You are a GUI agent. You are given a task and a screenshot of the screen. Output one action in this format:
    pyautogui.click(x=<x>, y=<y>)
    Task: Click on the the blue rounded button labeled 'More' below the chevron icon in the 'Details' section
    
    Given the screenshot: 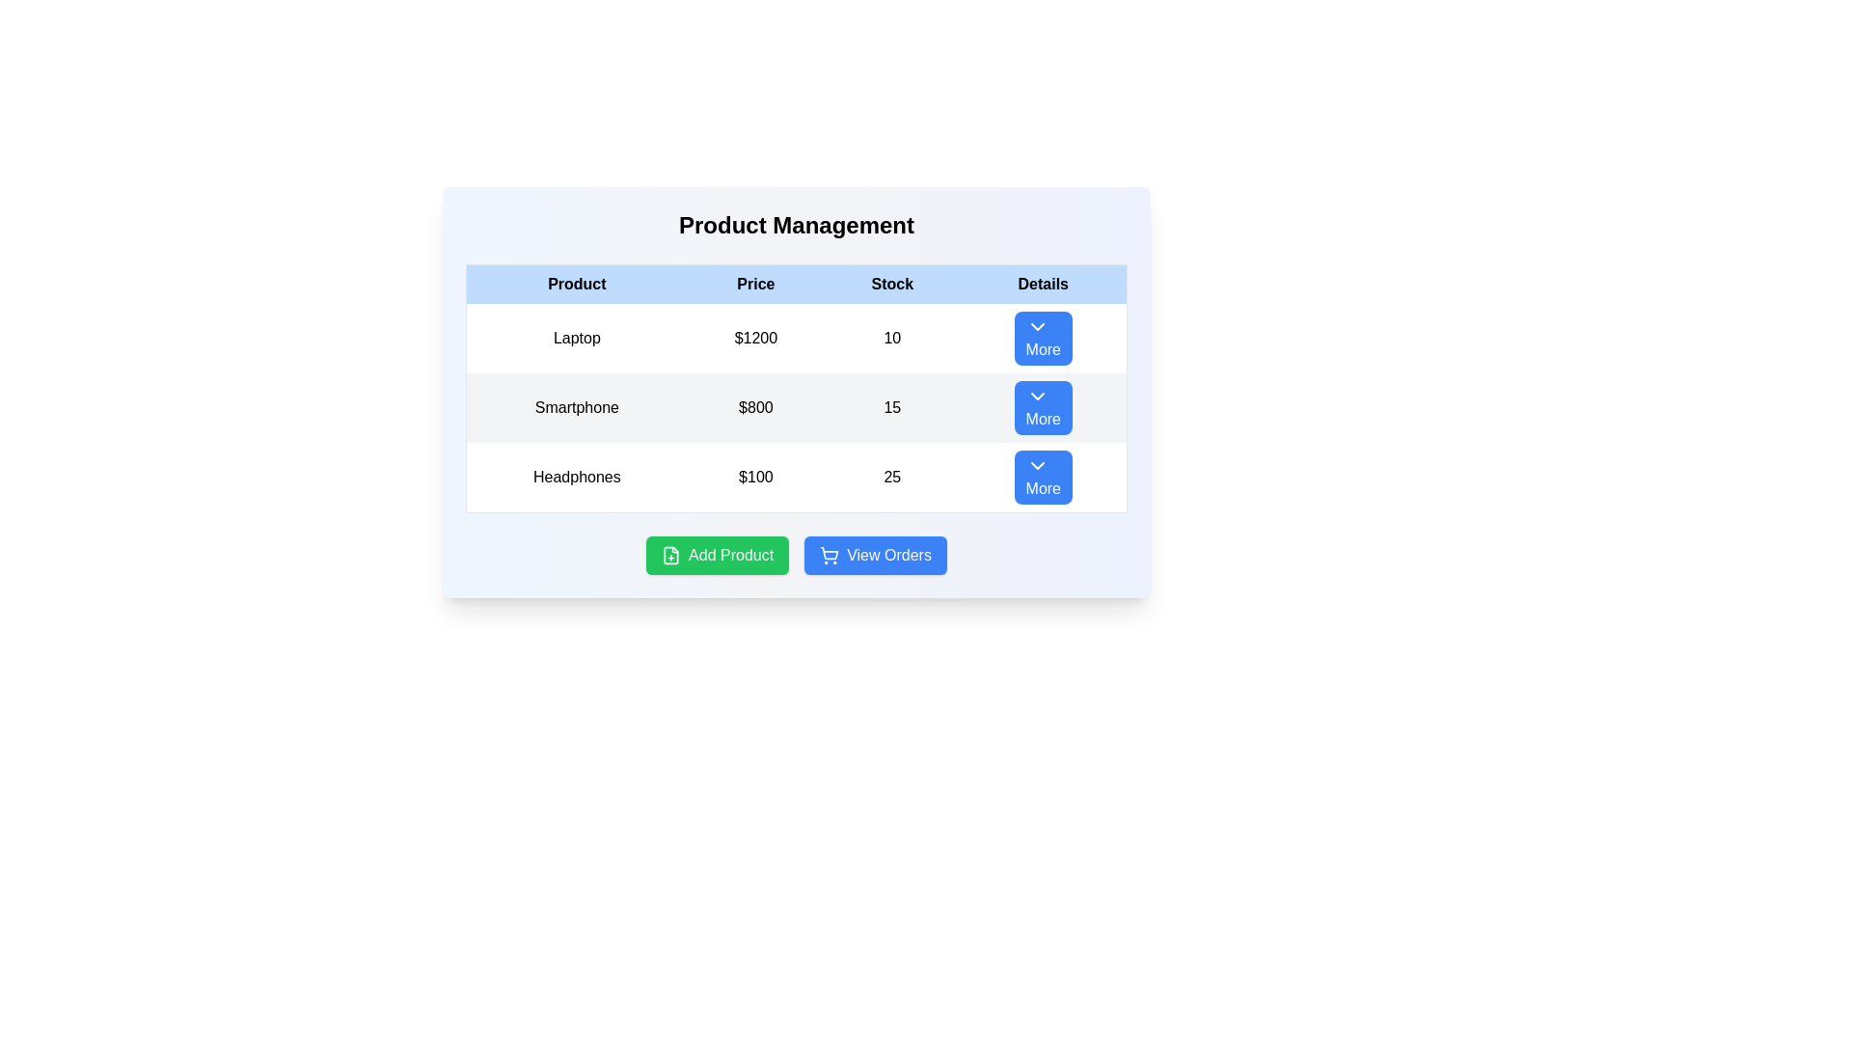 What is the action you would take?
    pyautogui.click(x=1043, y=338)
    